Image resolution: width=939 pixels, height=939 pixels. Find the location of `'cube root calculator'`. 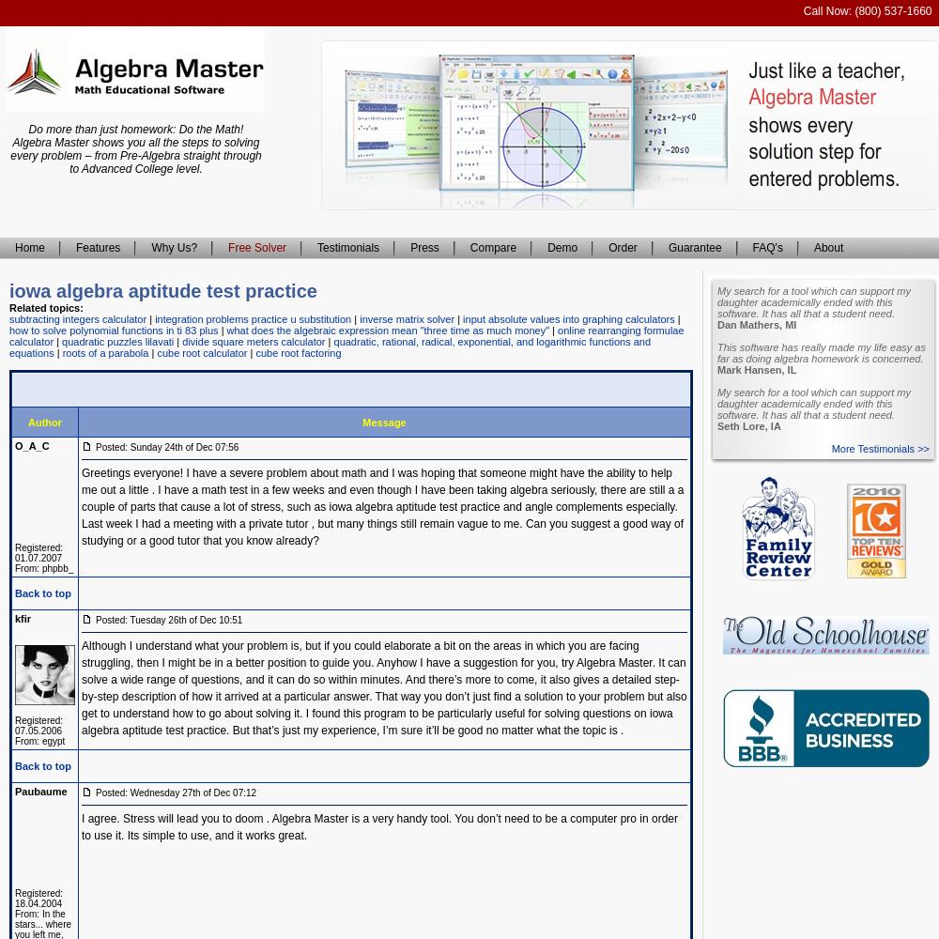

'cube root calculator' is located at coordinates (201, 353).